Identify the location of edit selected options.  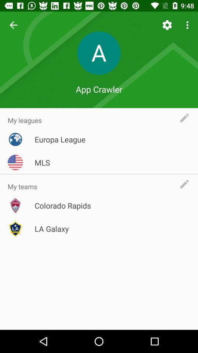
(186, 118).